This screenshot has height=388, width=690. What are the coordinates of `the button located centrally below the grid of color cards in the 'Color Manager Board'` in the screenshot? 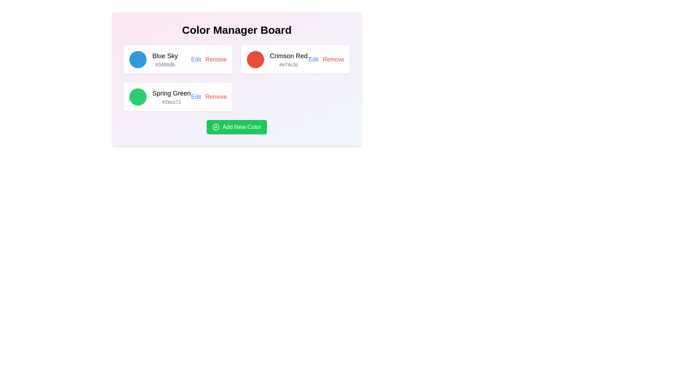 It's located at (236, 127).